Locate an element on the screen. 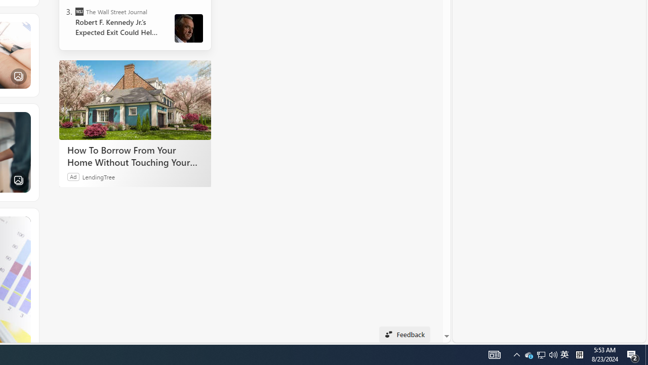  'The Wall Street Journal' is located at coordinates (78, 12).